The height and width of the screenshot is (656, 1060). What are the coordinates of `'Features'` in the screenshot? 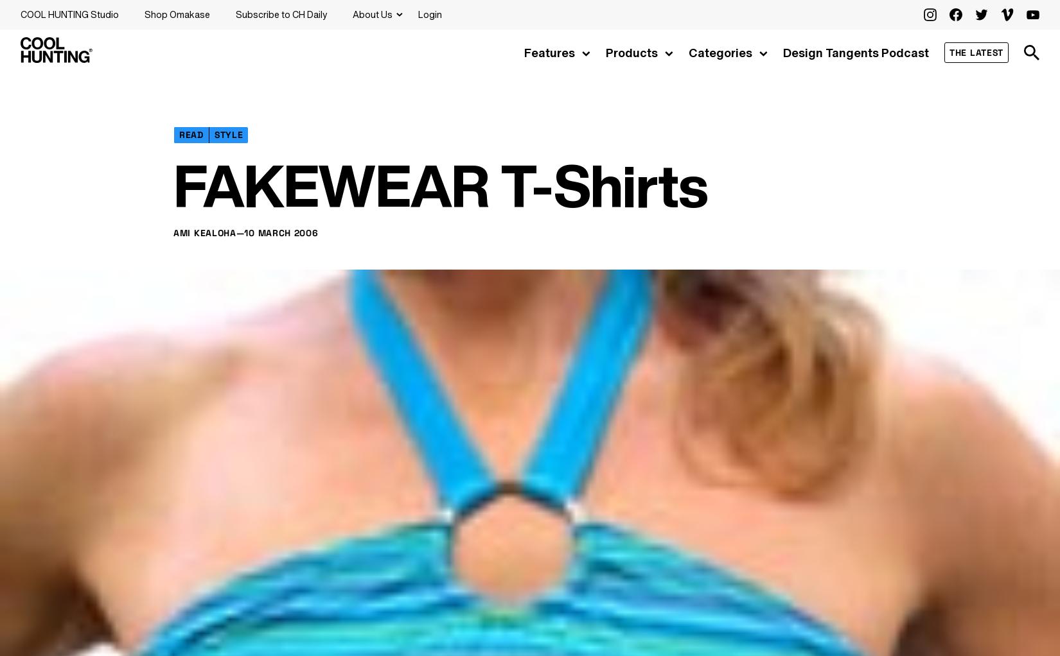 It's located at (549, 51).